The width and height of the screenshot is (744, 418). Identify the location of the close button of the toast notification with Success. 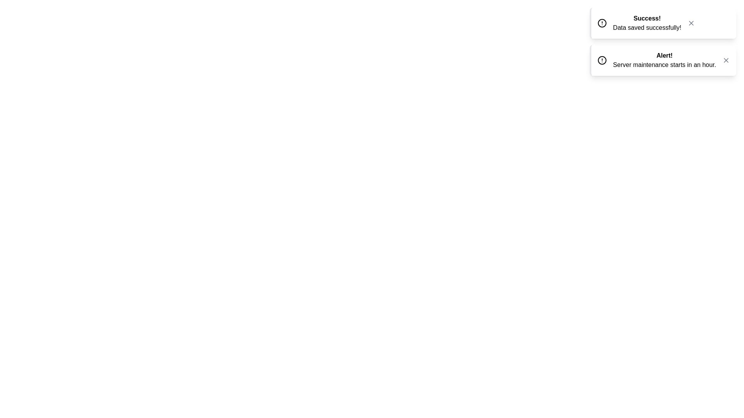
(691, 23).